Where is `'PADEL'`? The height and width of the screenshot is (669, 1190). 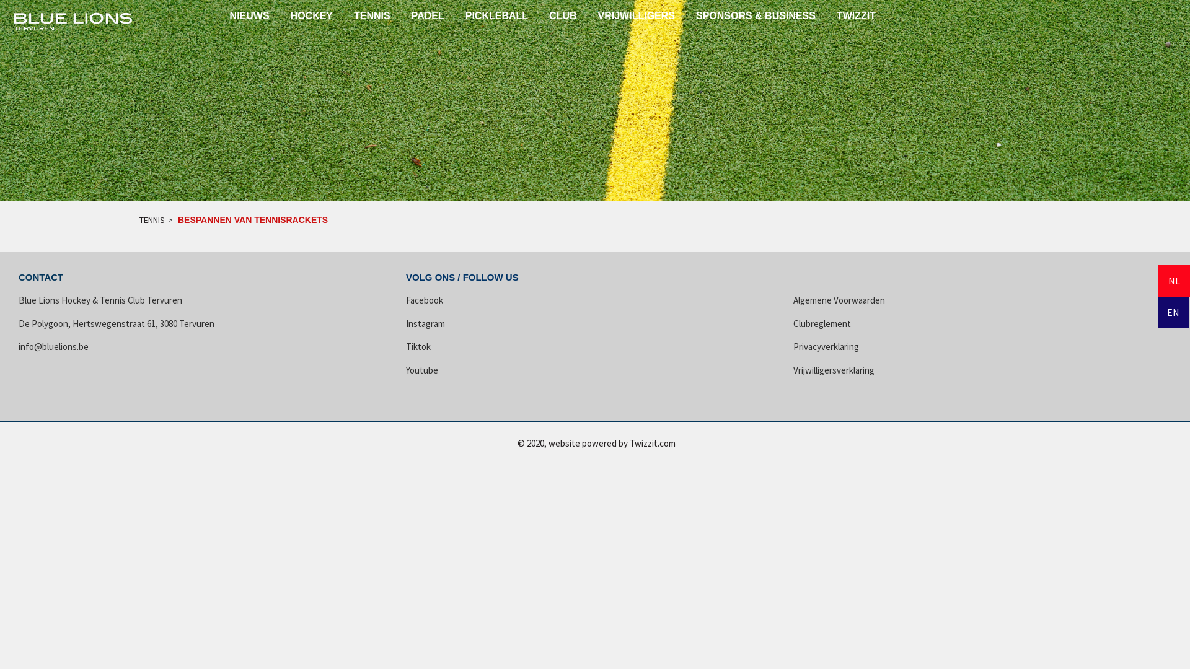
'PADEL' is located at coordinates (428, 16).